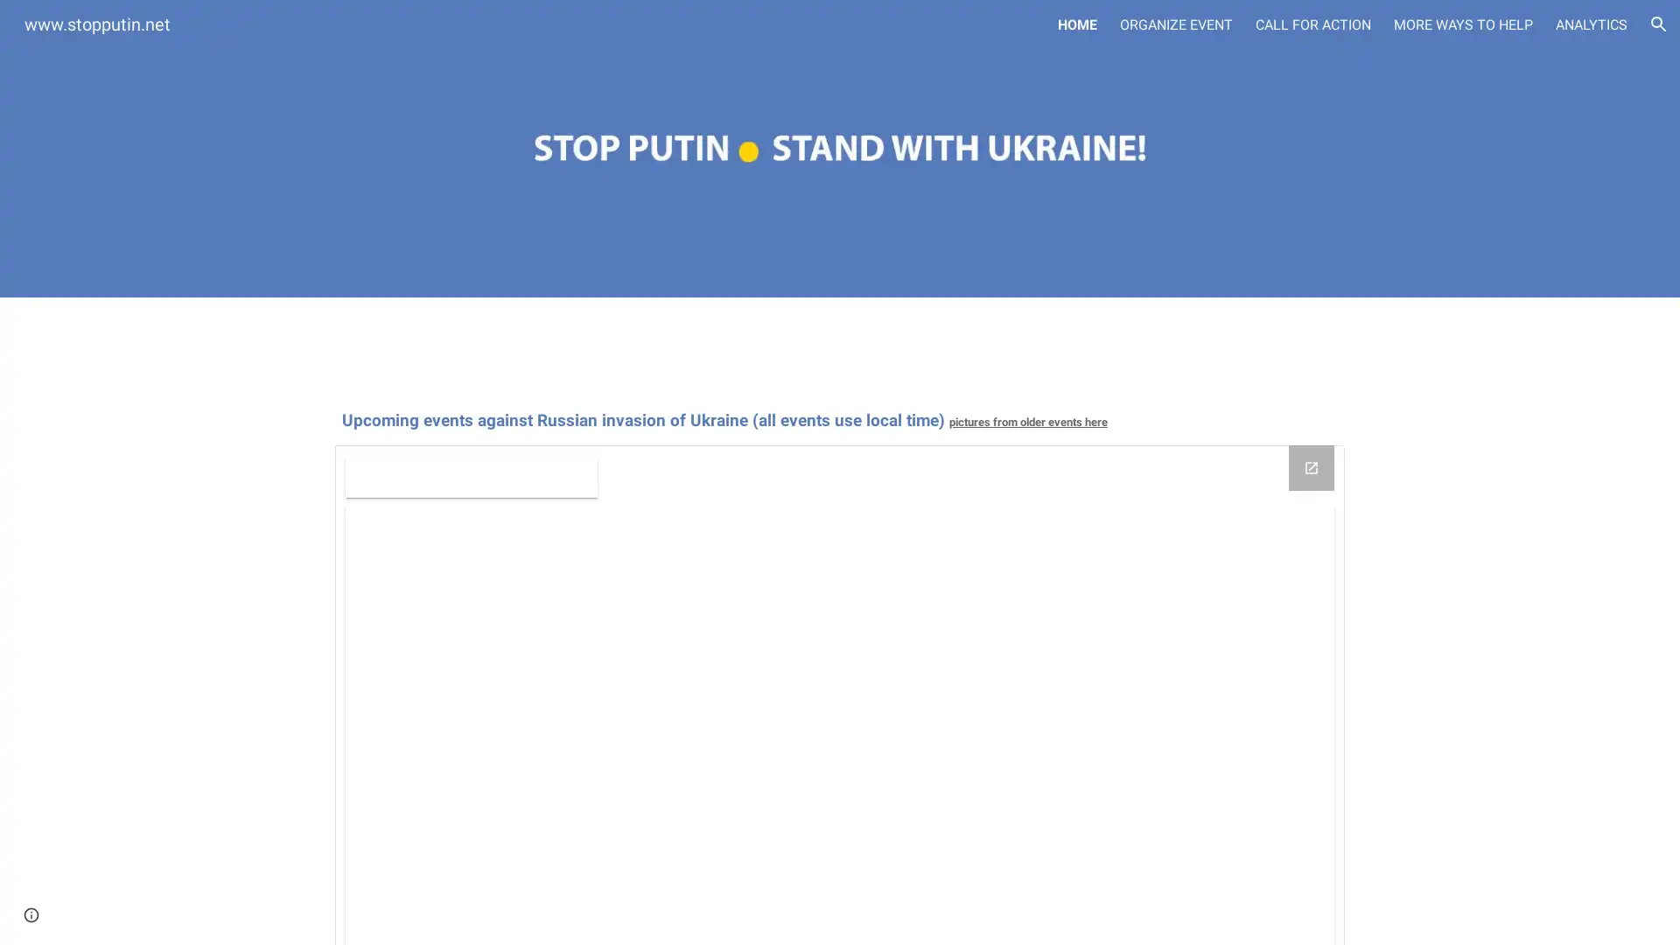  I want to click on Skip to main content, so click(689, 32).